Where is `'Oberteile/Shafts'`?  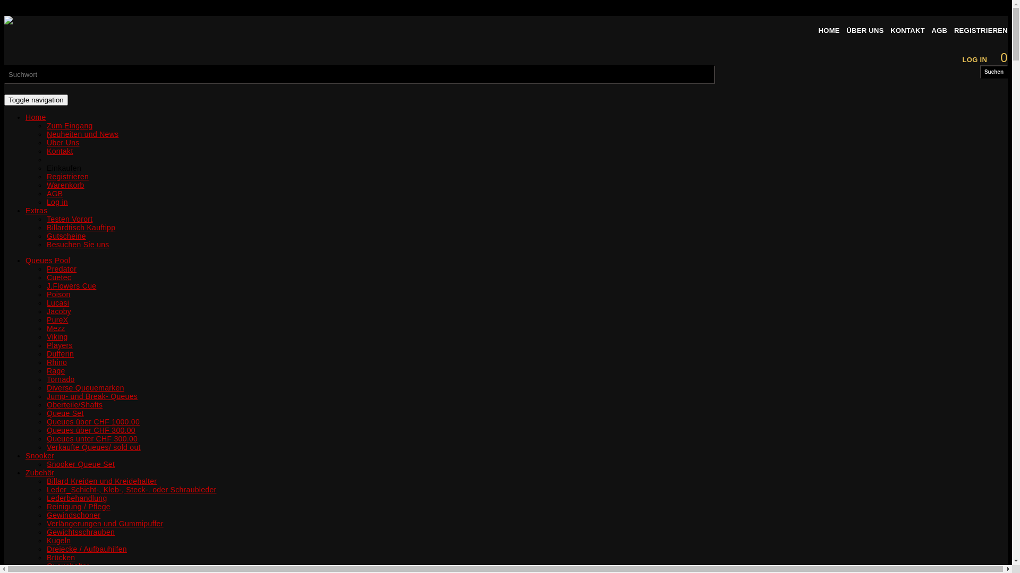
'Oberteile/Shafts' is located at coordinates (74, 405).